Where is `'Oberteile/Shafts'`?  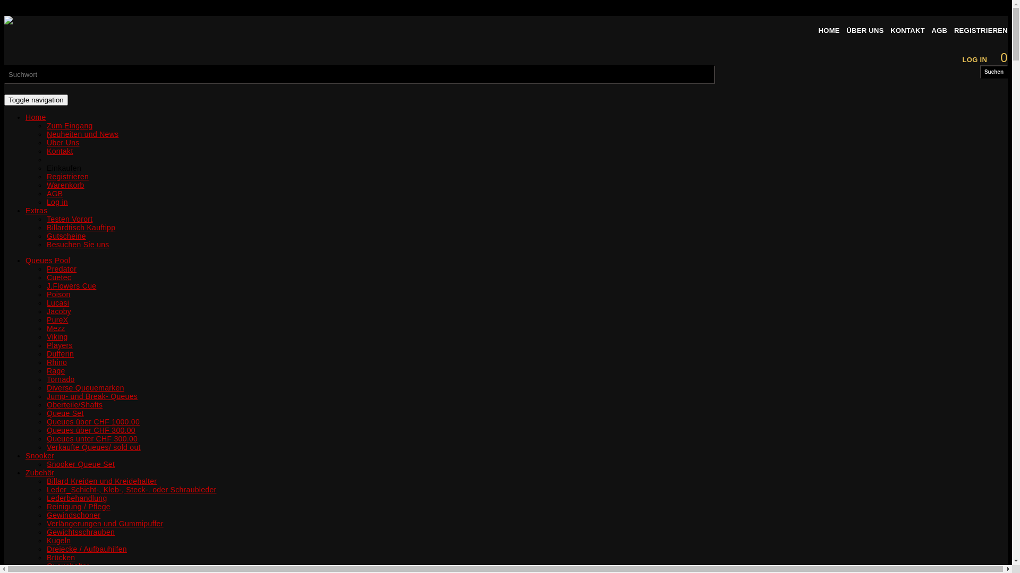
'Oberteile/Shafts' is located at coordinates (74, 405).